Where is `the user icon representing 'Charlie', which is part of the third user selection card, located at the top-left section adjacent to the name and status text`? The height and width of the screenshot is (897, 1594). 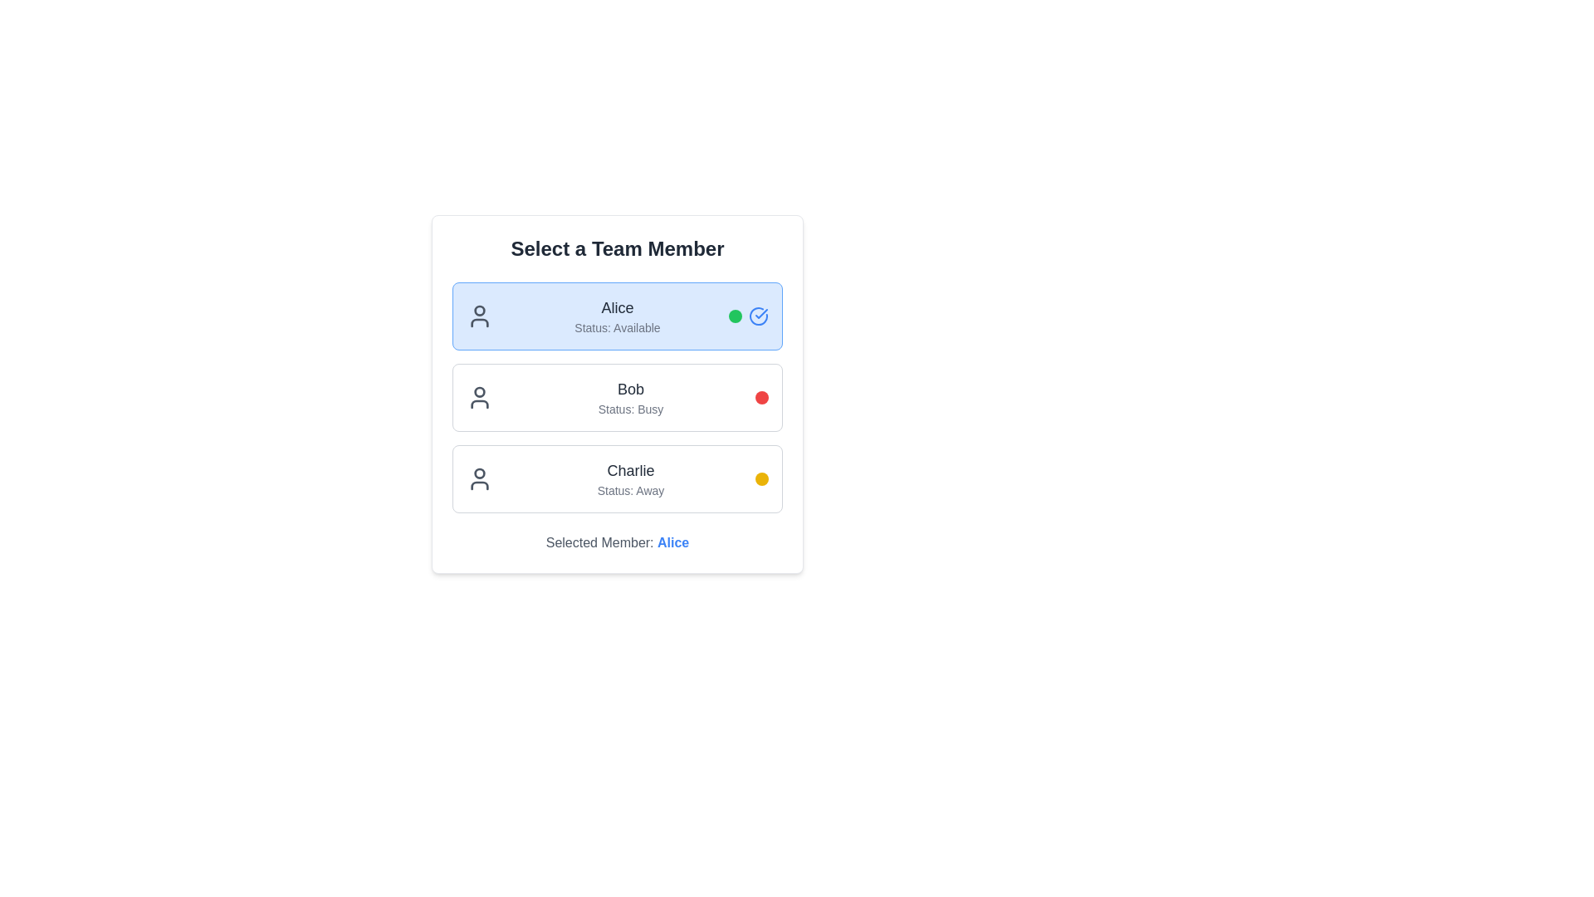
the user icon representing 'Charlie', which is part of the third user selection card, located at the top-left section adjacent to the name and status text is located at coordinates (478, 486).